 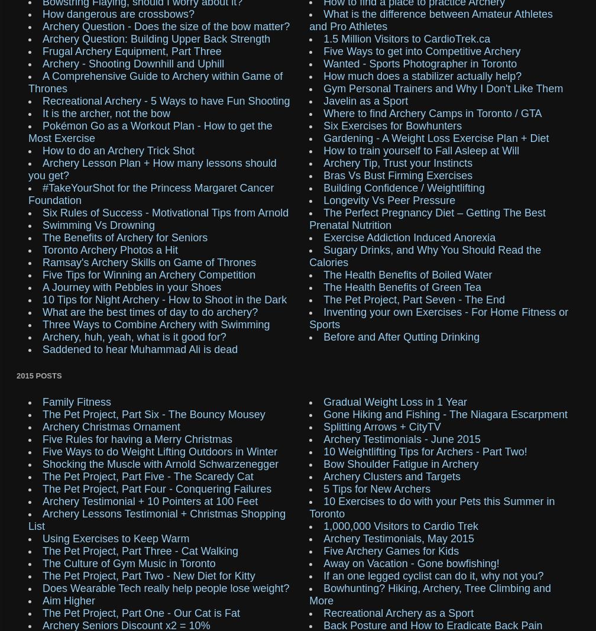 What do you see at coordinates (436, 138) in the screenshot?
I see `'Gardening - A Weight Loss Exercise Plan + Diet'` at bounding box center [436, 138].